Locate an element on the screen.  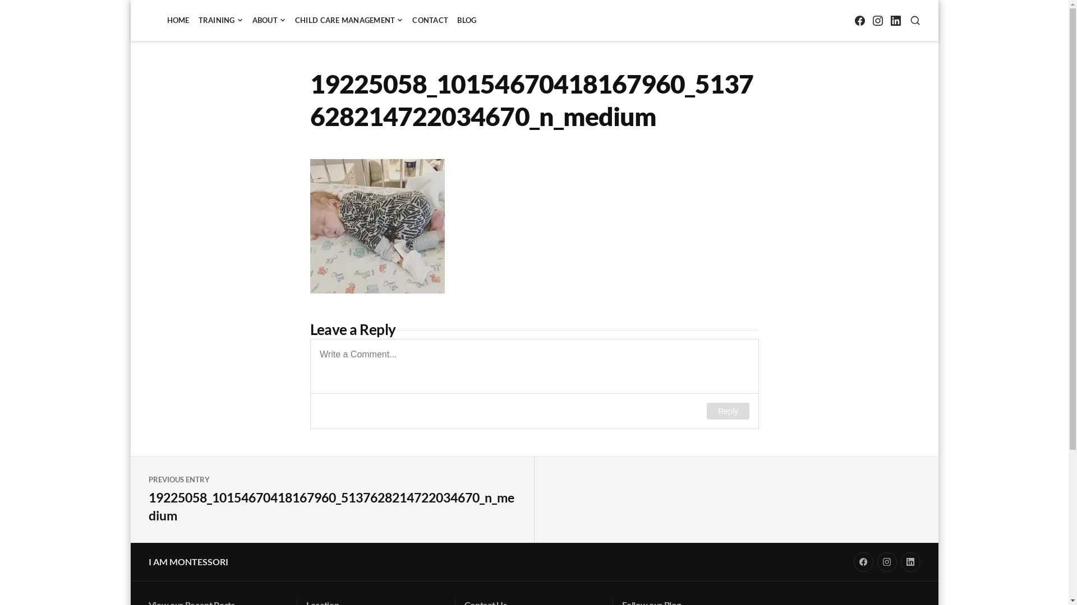
'BLOG' is located at coordinates (466, 20).